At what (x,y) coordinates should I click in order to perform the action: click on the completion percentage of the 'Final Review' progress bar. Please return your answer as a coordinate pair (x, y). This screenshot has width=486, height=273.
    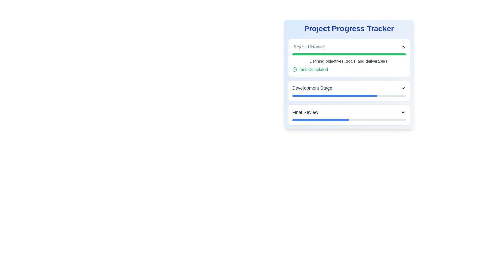
    Looking at the image, I should click on (343, 120).